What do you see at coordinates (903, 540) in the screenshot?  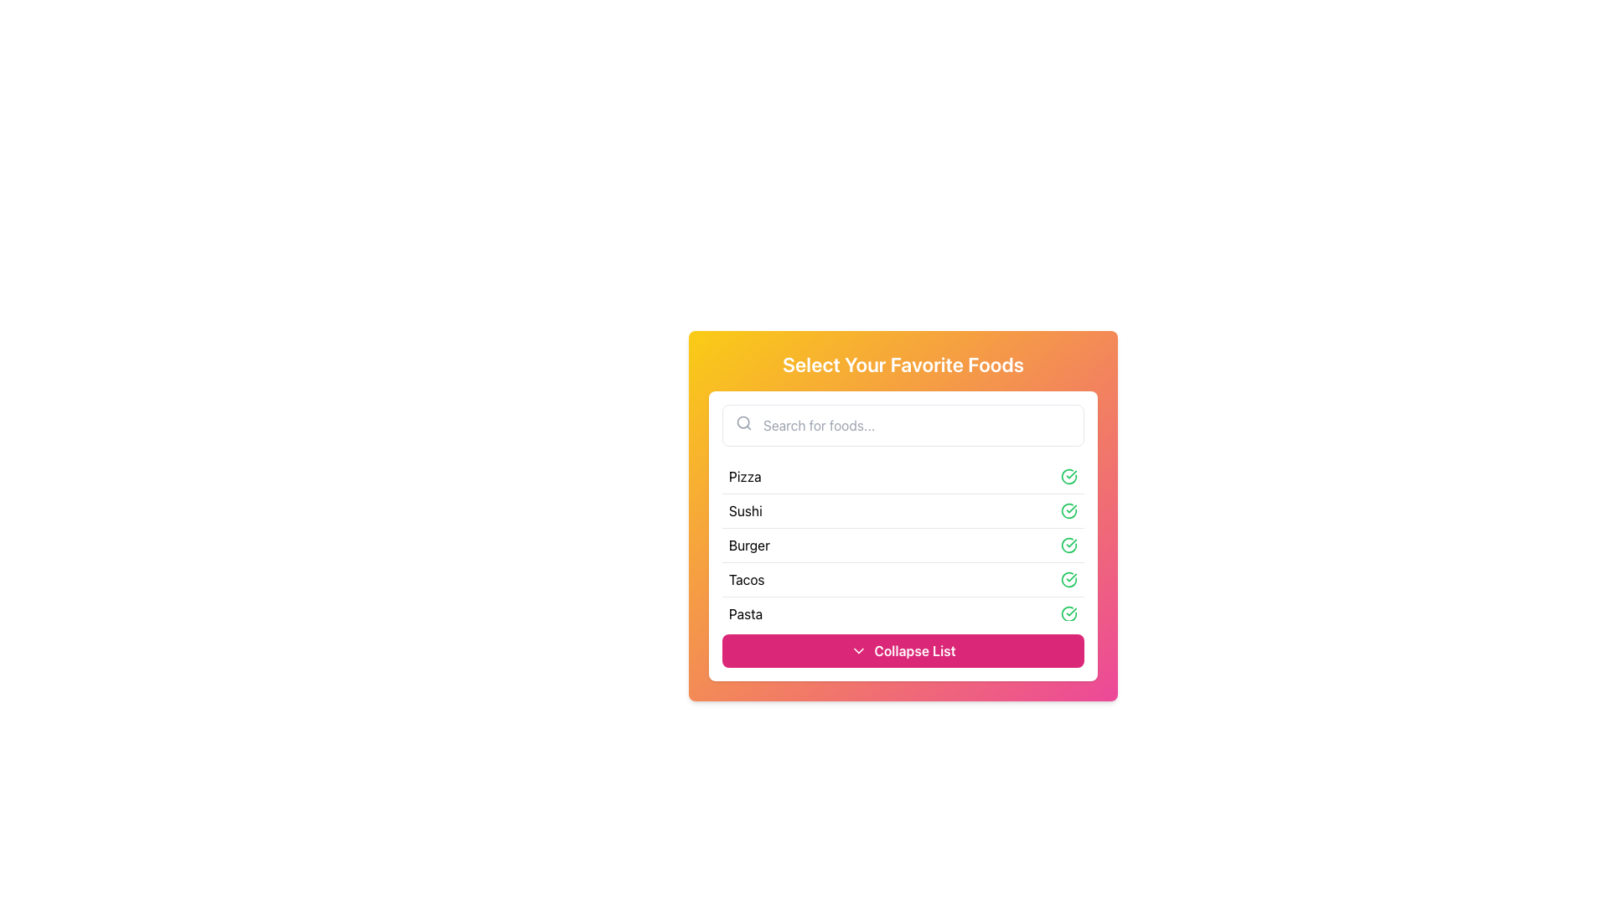 I see `the third selectable item in the list labeled 'Select Your Favorite Foods', which is positioned centrally between 'Sushi' and 'Tacos'` at bounding box center [903, 540].